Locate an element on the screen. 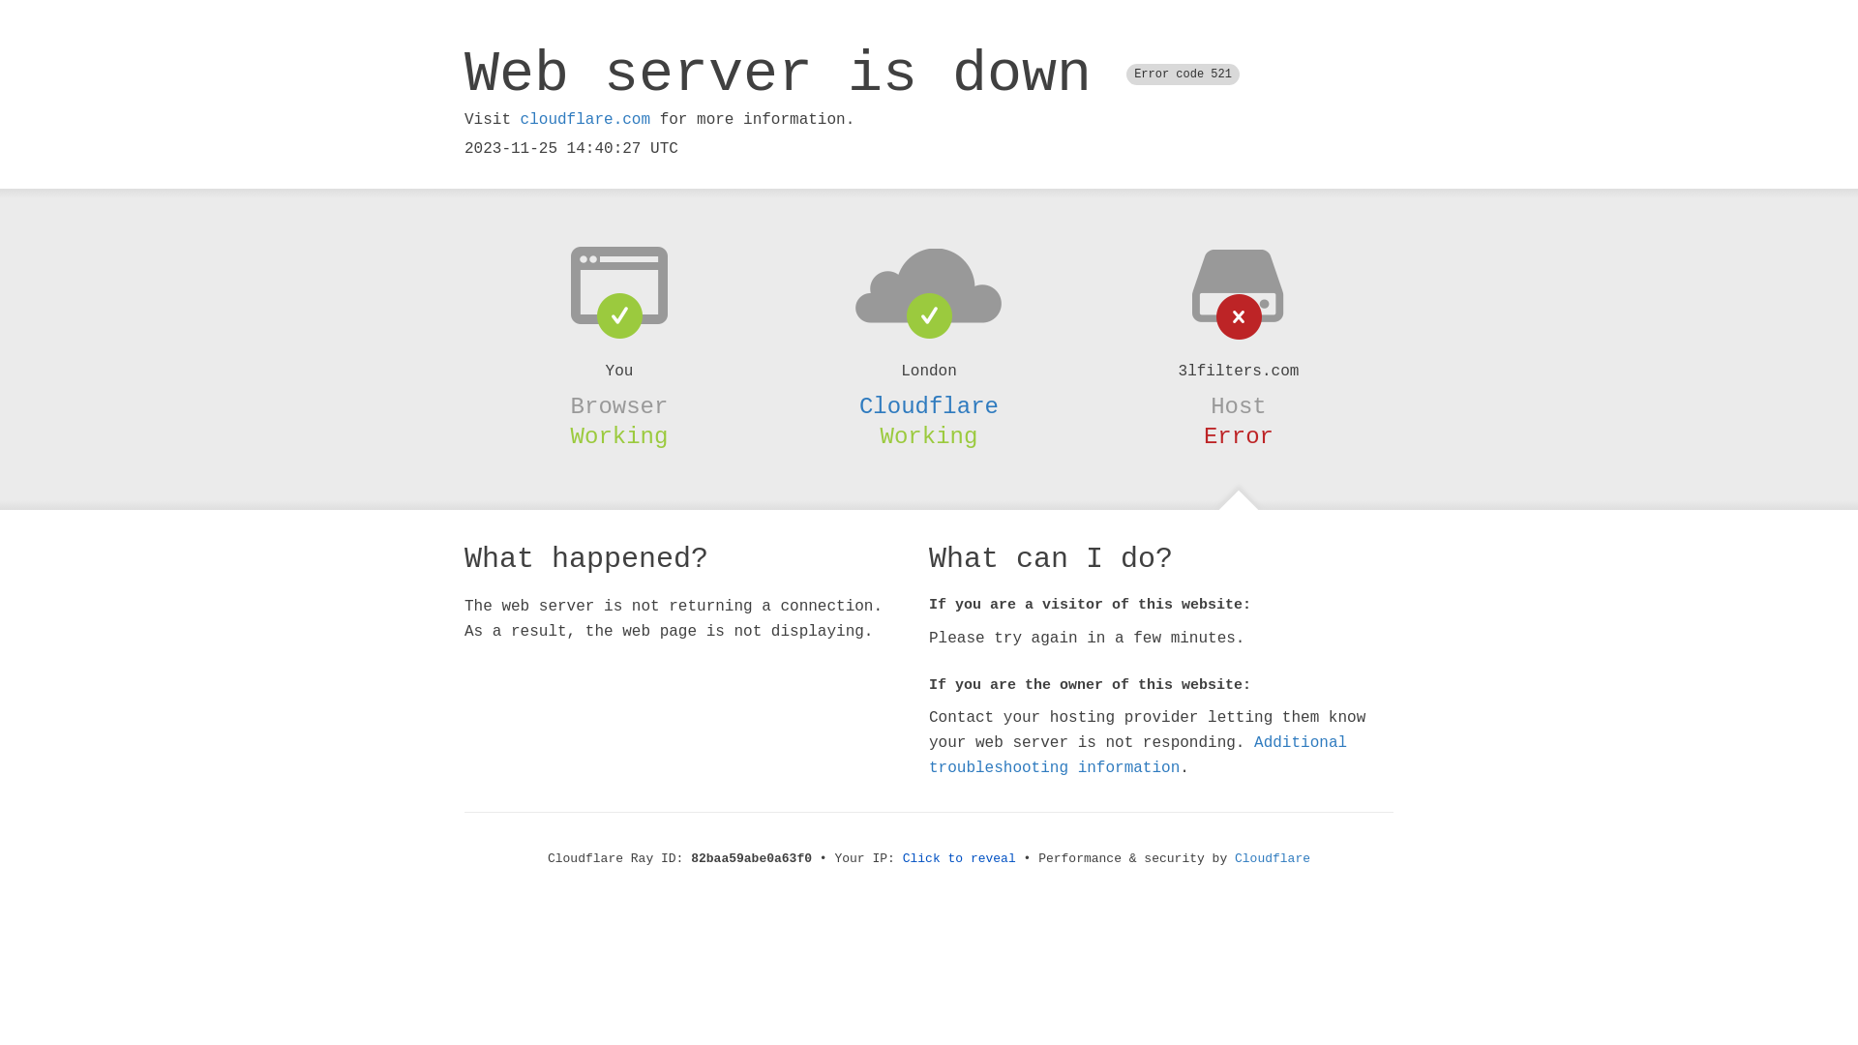 Image resolution: width=1858 pixels, height=1045 pixels. 'Additional troubleshooting information' is located at coordinates (1138, 754).